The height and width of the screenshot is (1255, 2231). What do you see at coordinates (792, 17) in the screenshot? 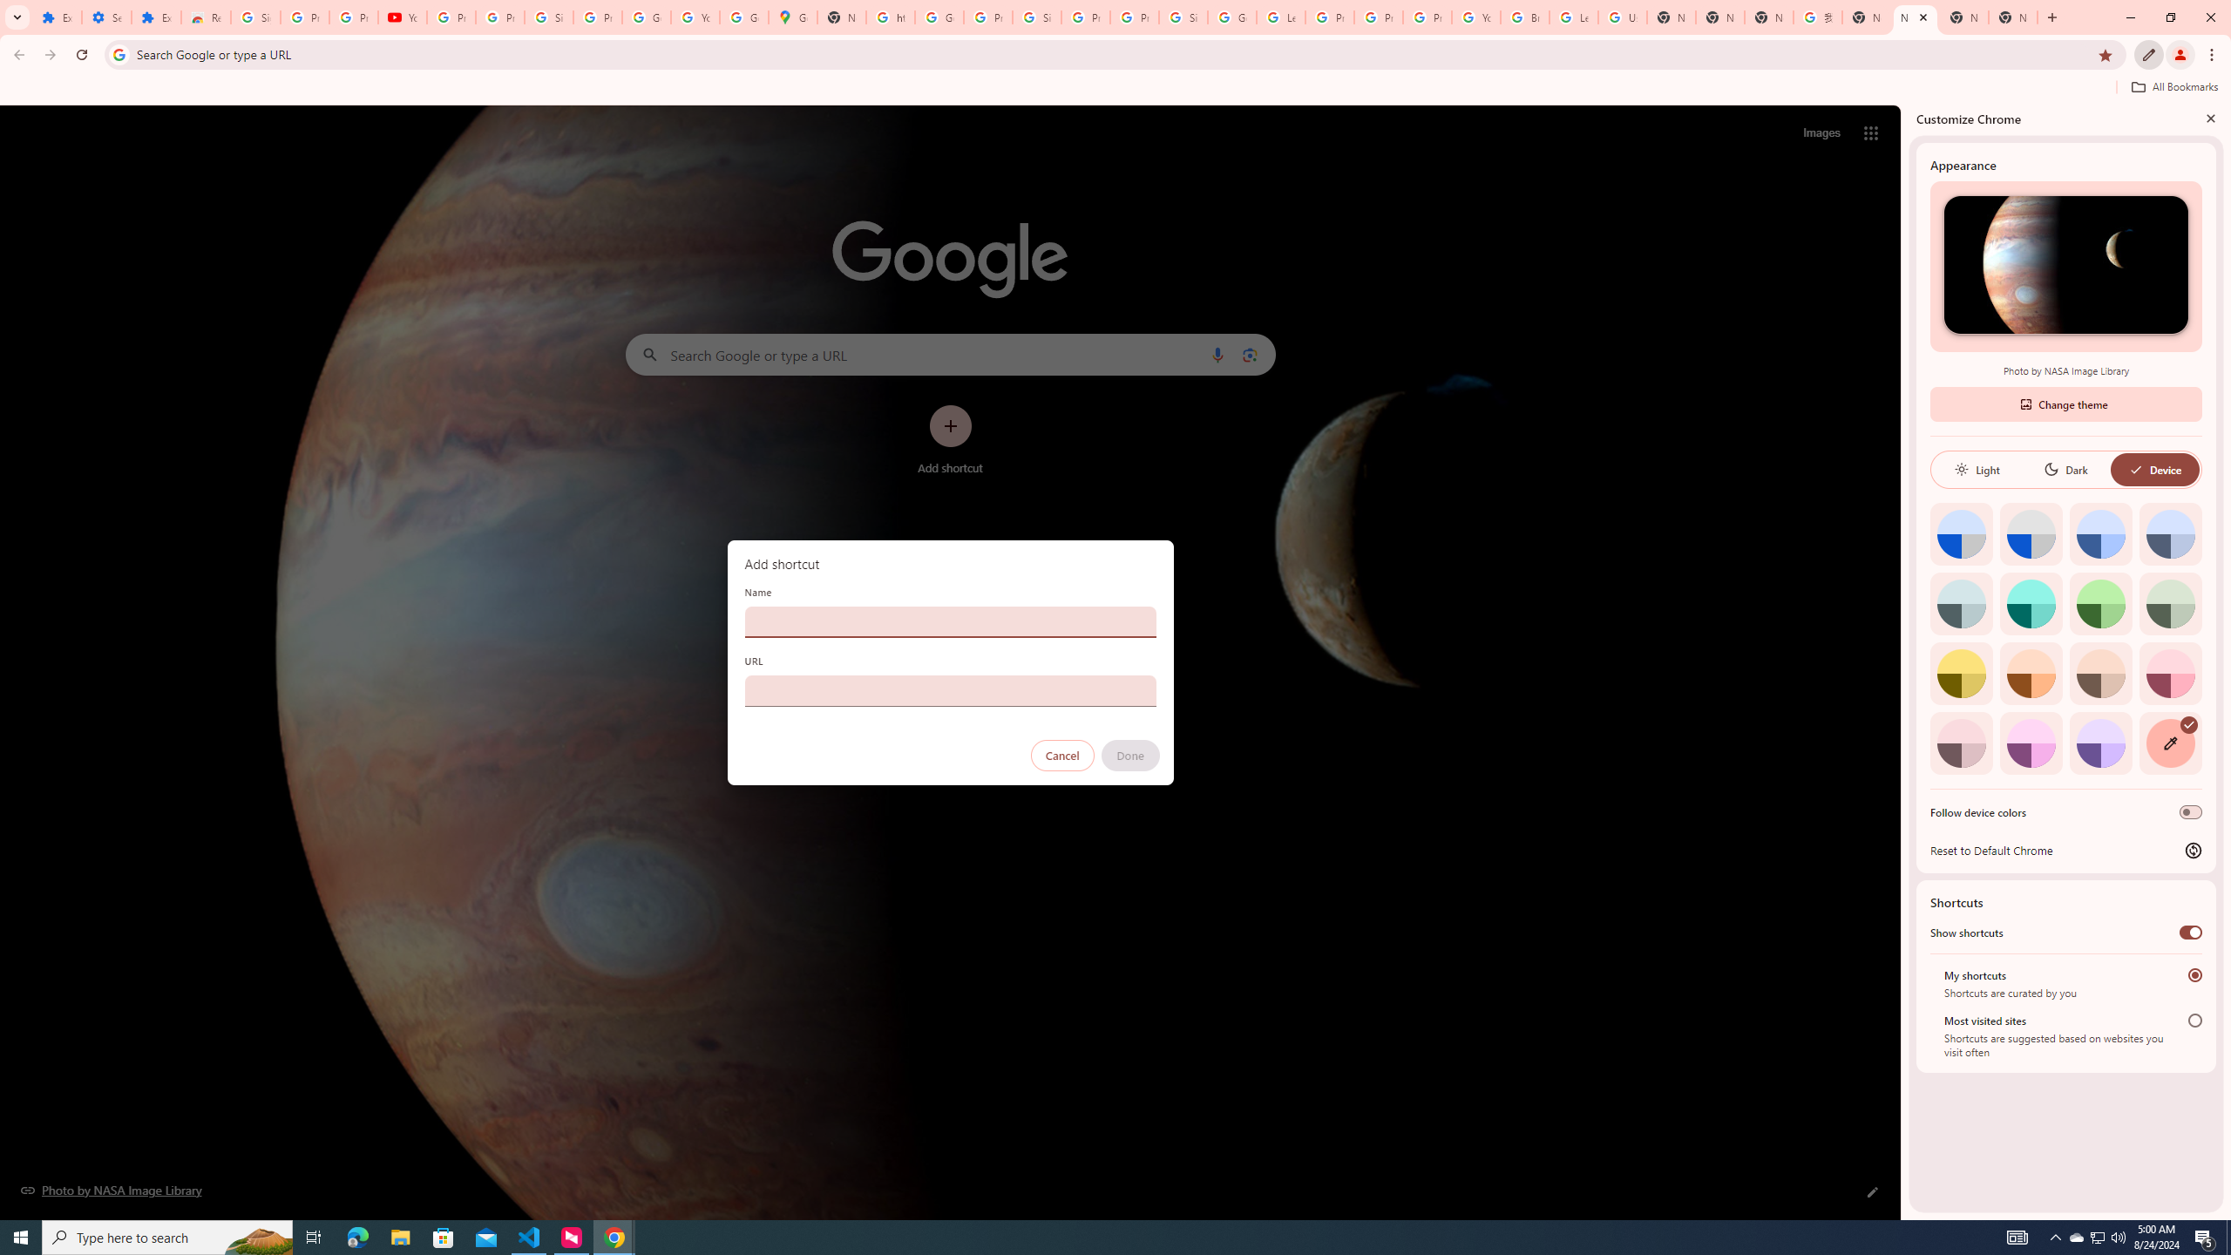
I see `'Google Maps'` at bounding box center [792, 17].